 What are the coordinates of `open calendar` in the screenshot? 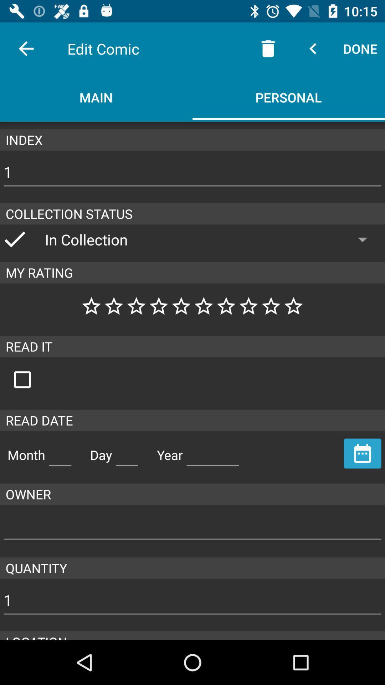 It's located at (363, 453).